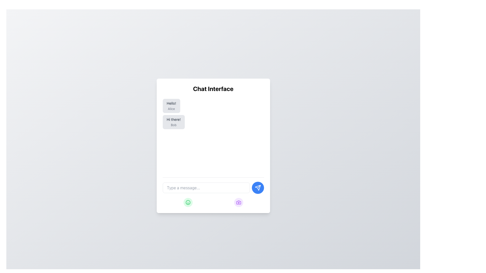 The height and width of the screenshot is (273, 486). Describe the element at coordinates (174, 125) in the screenshot. I see `the small text label that reads 'Bob', styled in light gray color, positioned below the 'Hi there!' text element` at that location.